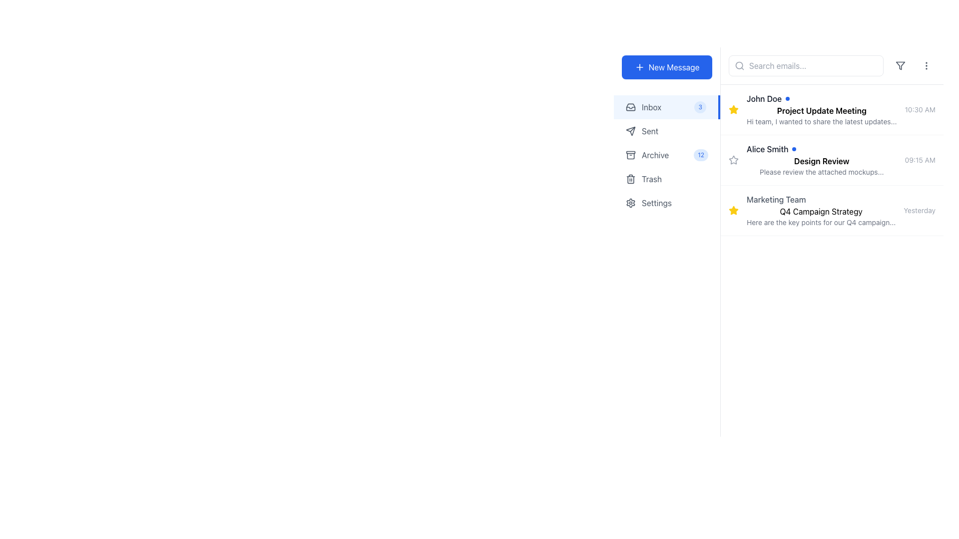  What do you see at coordinates (733, 159) in the screenshot?
I see `the star button located to the left of the 'Design Review' subject title in the second listing under the 'Inbox' section` at bounding box center [733, 159].